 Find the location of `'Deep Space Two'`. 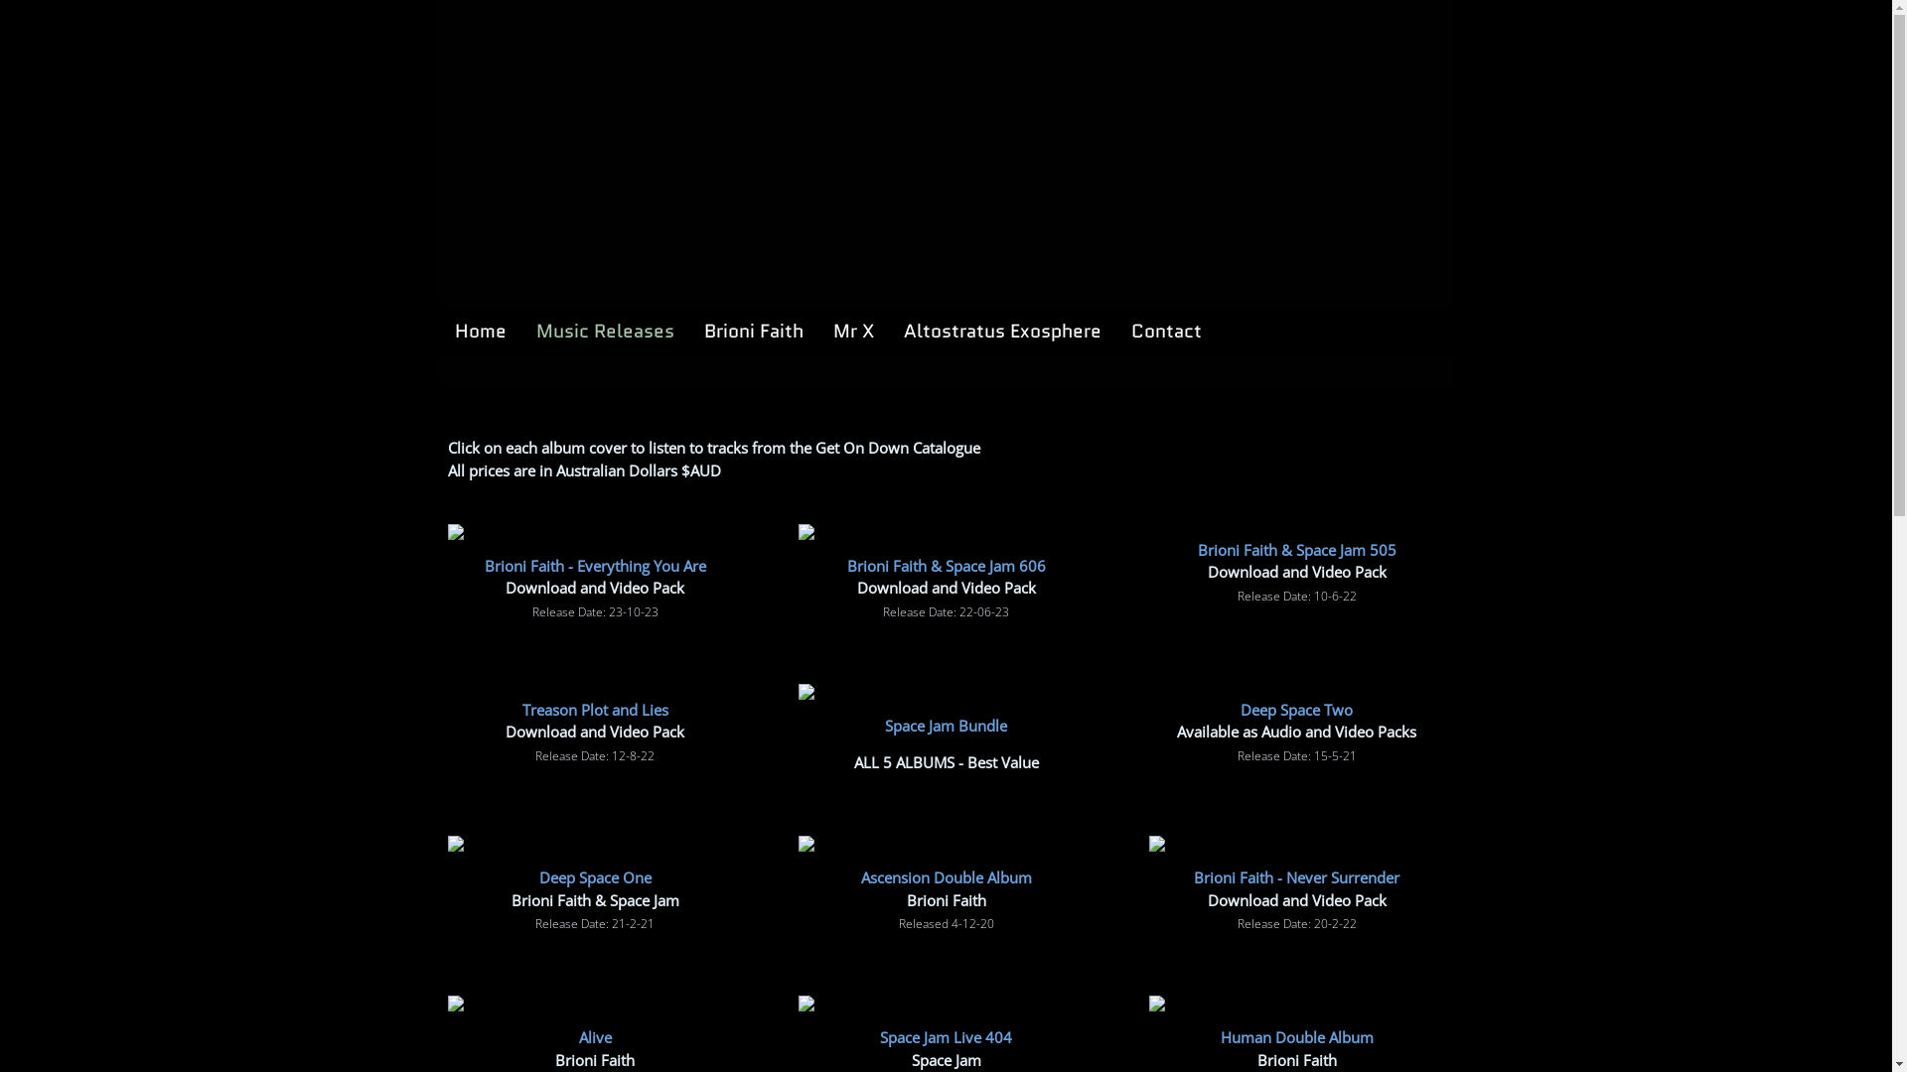

'Deep Space Two' is located at coordinates (1296, 707).